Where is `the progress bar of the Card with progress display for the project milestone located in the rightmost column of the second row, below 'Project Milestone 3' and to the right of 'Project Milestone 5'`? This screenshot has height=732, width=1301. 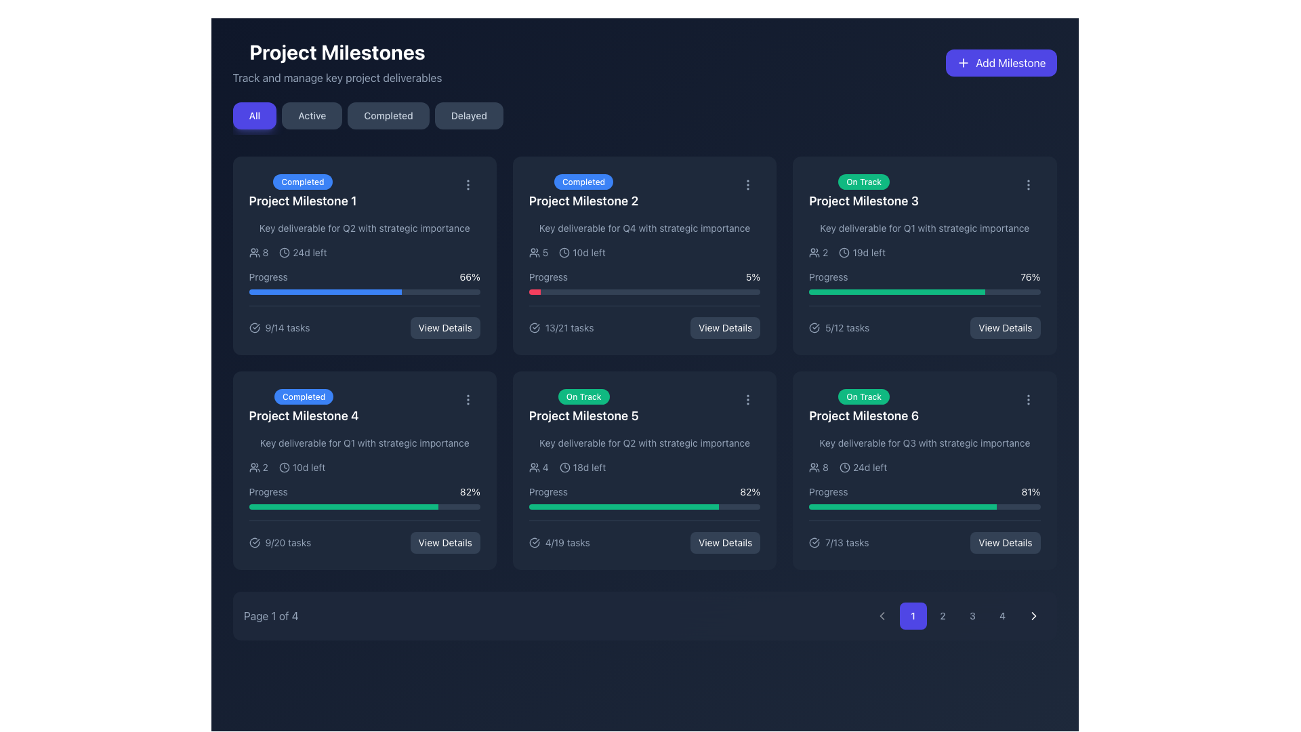
the progress bar of the Card with progress display for the project milestone located in the rightmost column of the second row, below 'Project Milestone 3' and to the right of 'Project Milestone 5' is located at coordinates (924, 470).